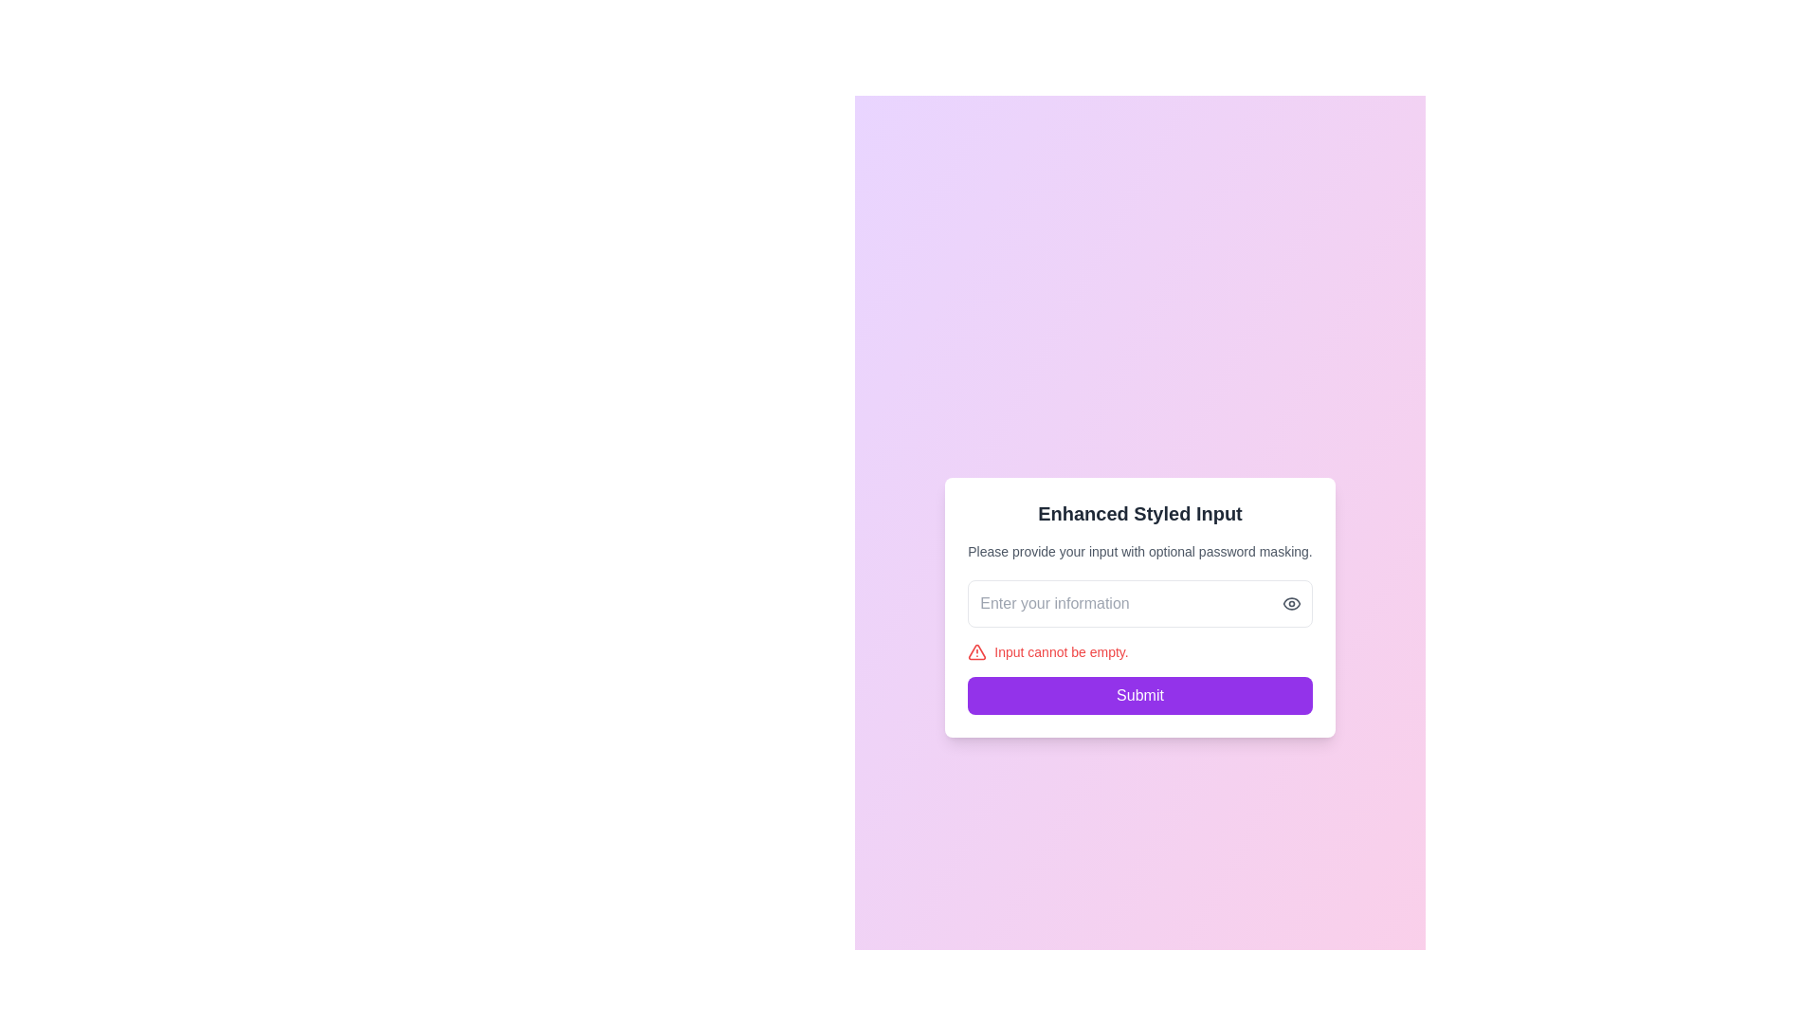  What do you see at coordinates (1139, 695) in the screenshot?
I see `the 'Submit' button with a purple background and rounded corners to observe its hover effect` at bounding box center [1139, 695].